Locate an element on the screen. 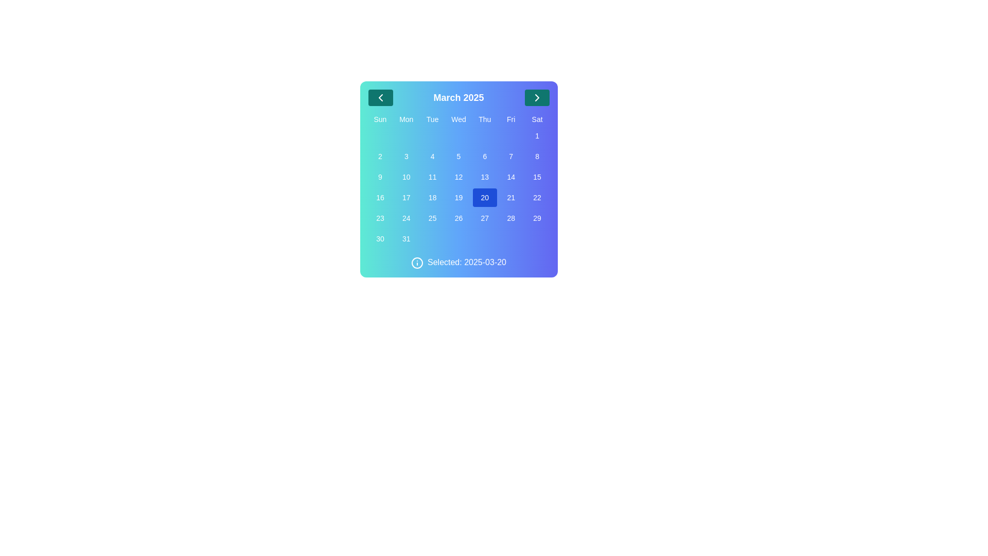 The width and height of the screenshot is (988, 556). the date selector button for date 5 in the calendar grid located in the fourth column of the second row is located at coordinates (458, 157).